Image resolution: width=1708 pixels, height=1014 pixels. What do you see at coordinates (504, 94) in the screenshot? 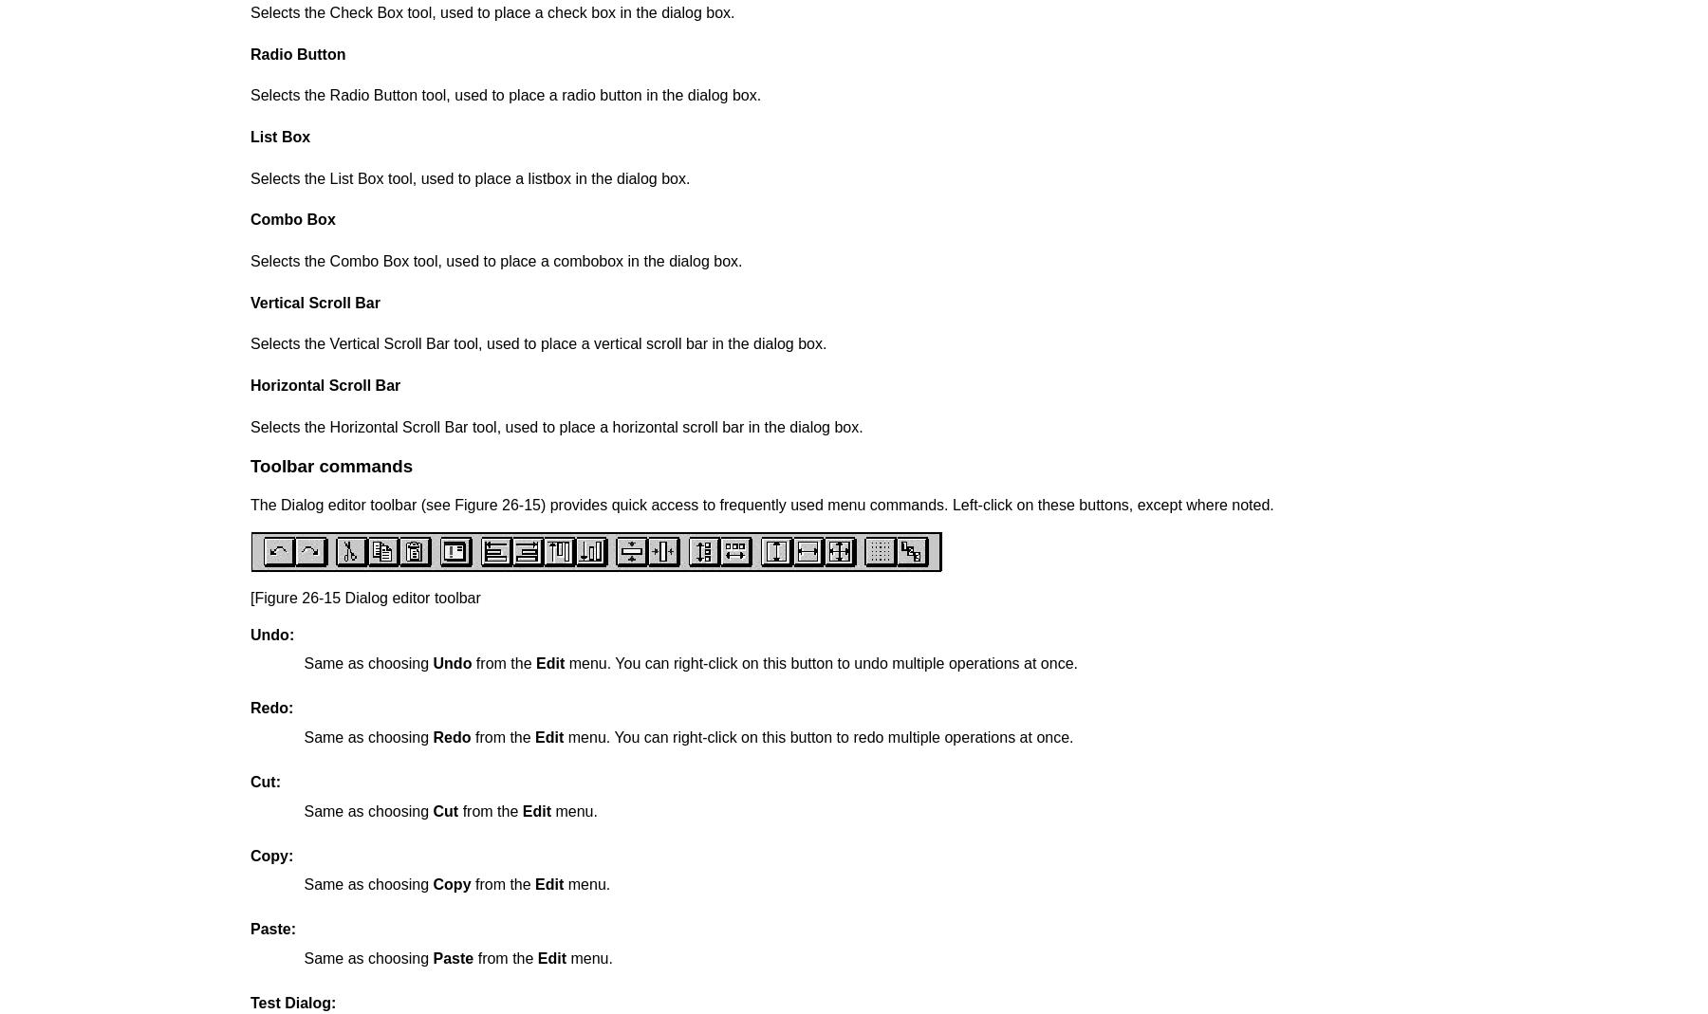
I see `'Selects the Radio Button tool, used to place a radio button in the 
dialog box.'` at bounding box center [504, 94].